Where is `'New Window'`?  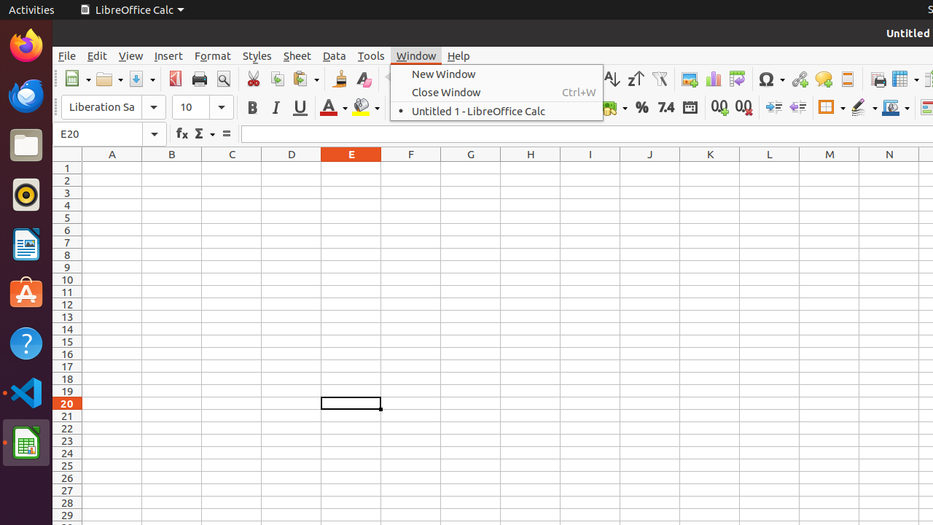
'New Window' is located at coordinates (496, 74).